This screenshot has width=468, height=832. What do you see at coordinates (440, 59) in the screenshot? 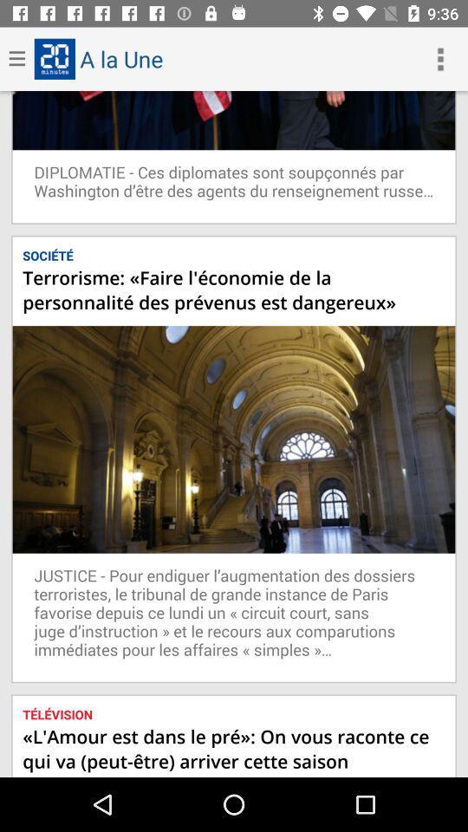
I see `the item to the right of a la une icon` at bounding box center [440, 59].